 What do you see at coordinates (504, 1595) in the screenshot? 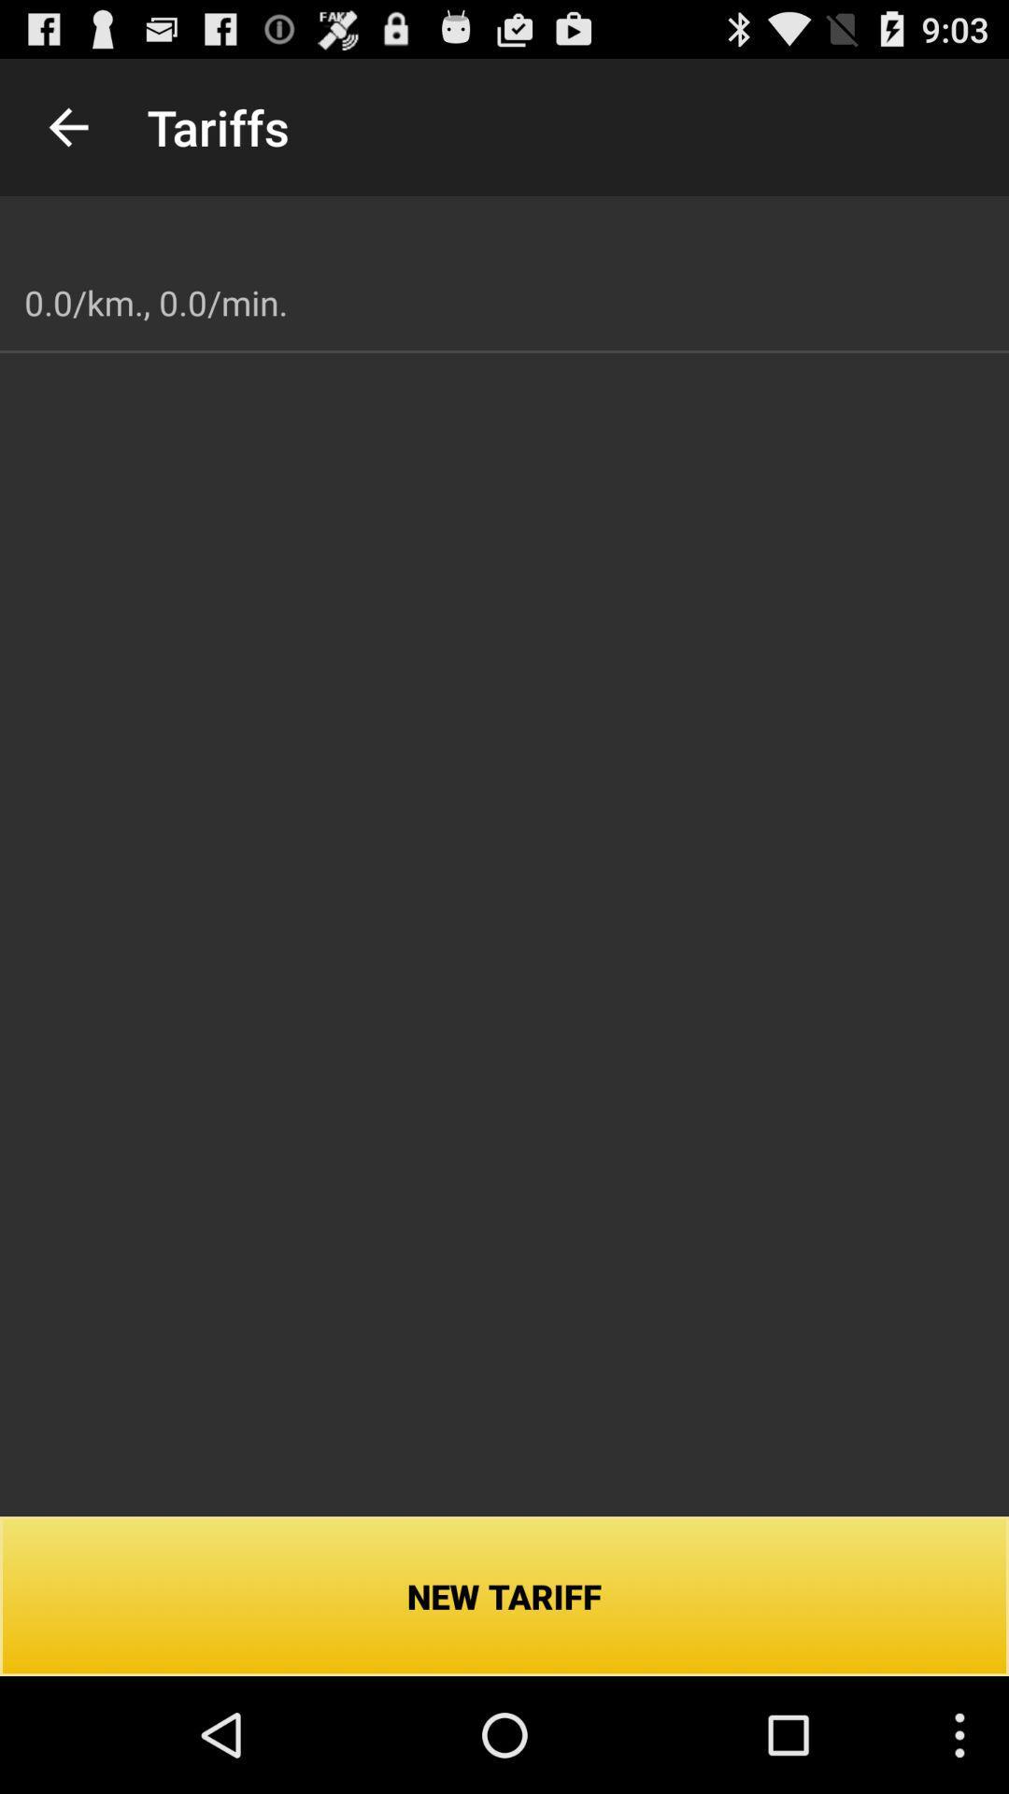
I see `icon below 0 0 km` at bounding box center [504, 1595].